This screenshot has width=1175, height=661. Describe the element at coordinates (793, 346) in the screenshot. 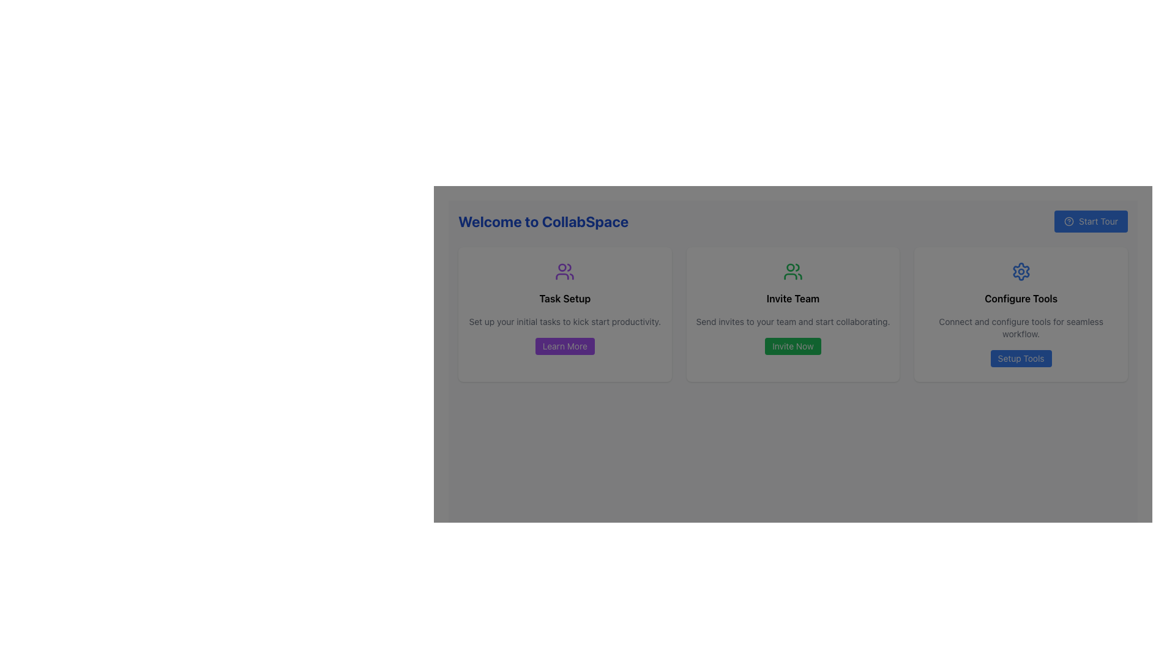

I see `the green 'Invite Now' button located at the bottom of the 'Invite Team' card` at that location.